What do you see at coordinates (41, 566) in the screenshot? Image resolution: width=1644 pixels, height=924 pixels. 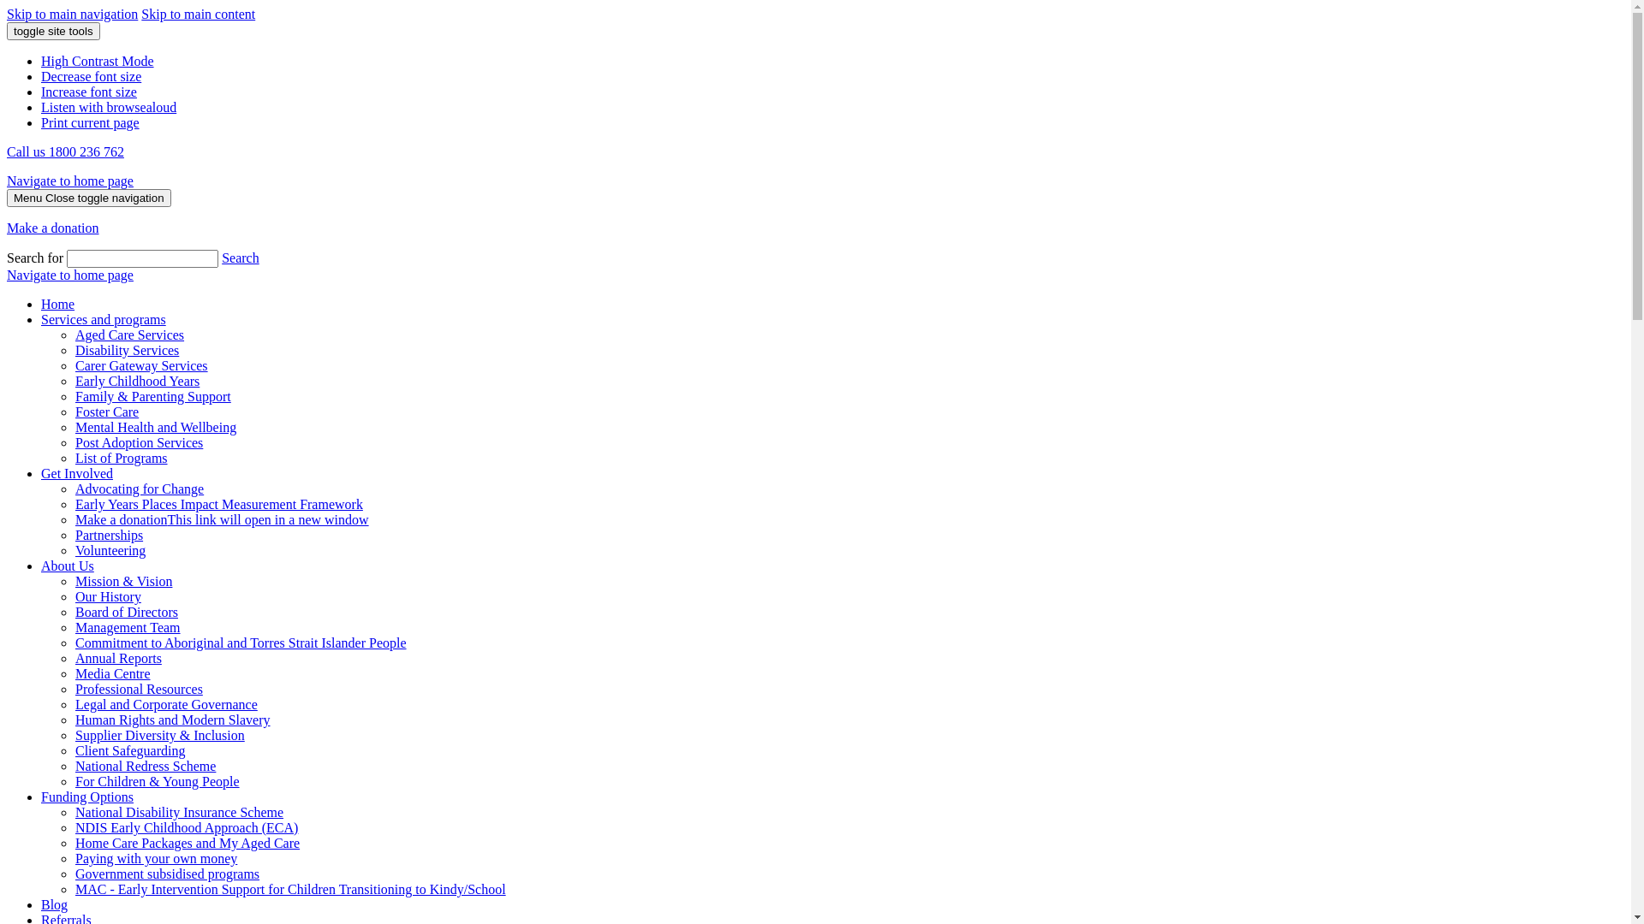 I see `'About Us'` at bounding box center [41, 566].